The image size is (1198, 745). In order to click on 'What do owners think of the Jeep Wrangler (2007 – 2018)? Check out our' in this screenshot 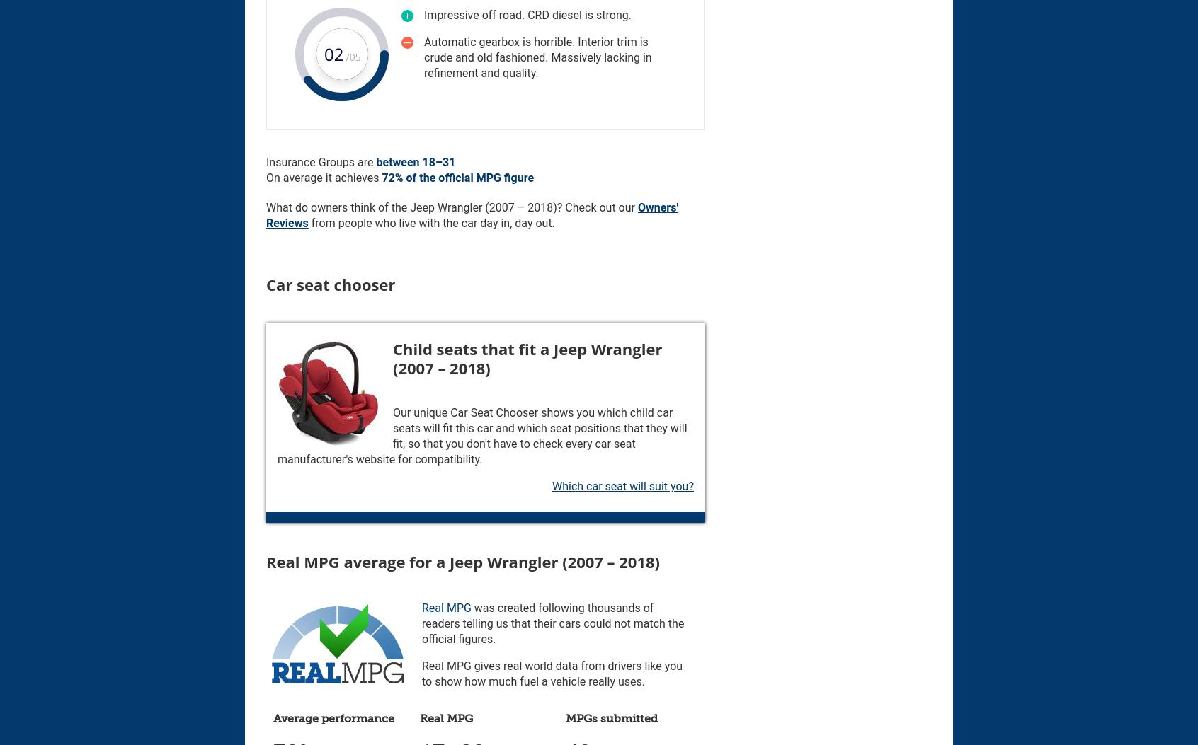, I will do `click(452, 207)`.